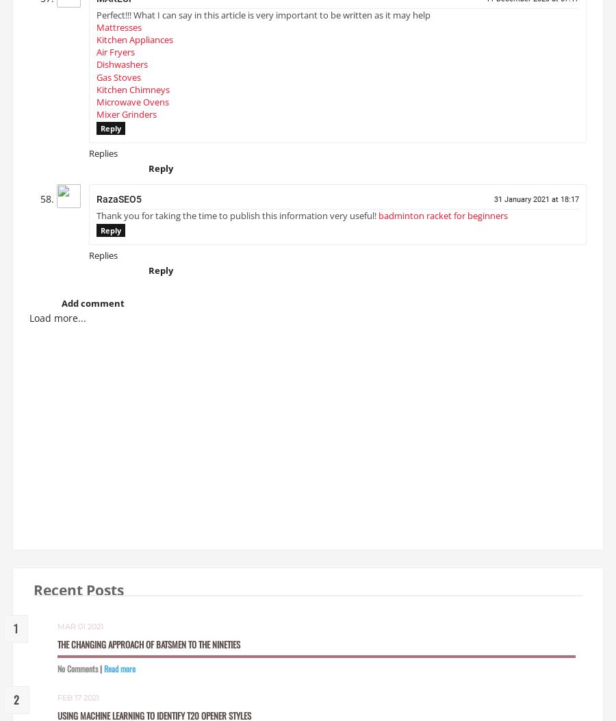 This screenshot has width=616, height=721. Describe the element at coordinates (97, 19) in the screenshot. I see `'Perfect!!! What I can say in this article is very important to be written as it may help'` at that location.